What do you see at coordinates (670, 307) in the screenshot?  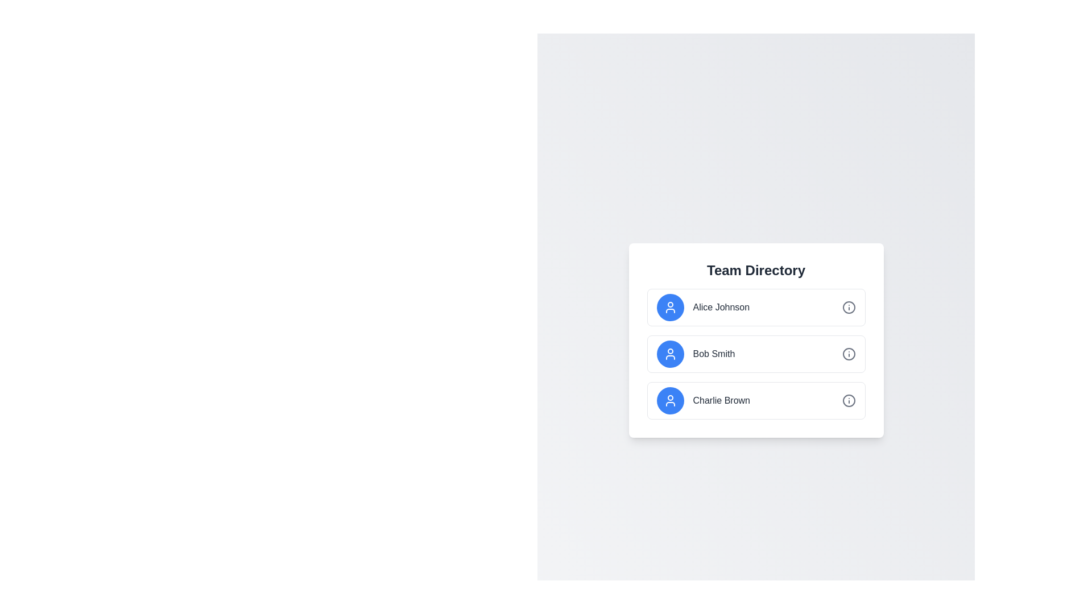 I see `the visual icon or avatar representation associated with the user 'Alice Johnson', which is the first item among its siblings and located to the left of the name` at bounding box center [670, 307].